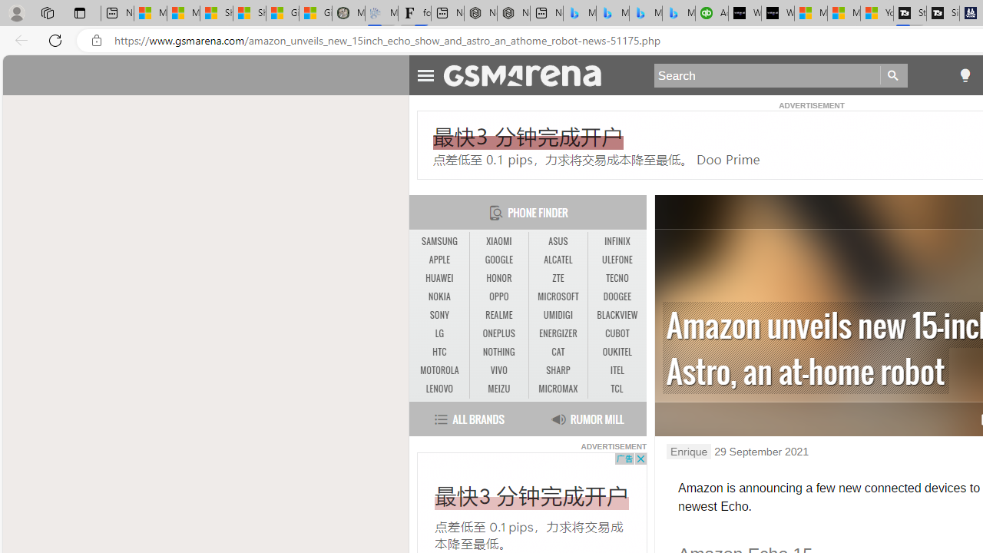 This screenshot has width=983, height=553. What do you see at coordinates (439, 278) in the screenshot?
I see `'HUAWEI'` at bounding box center [439, 278].